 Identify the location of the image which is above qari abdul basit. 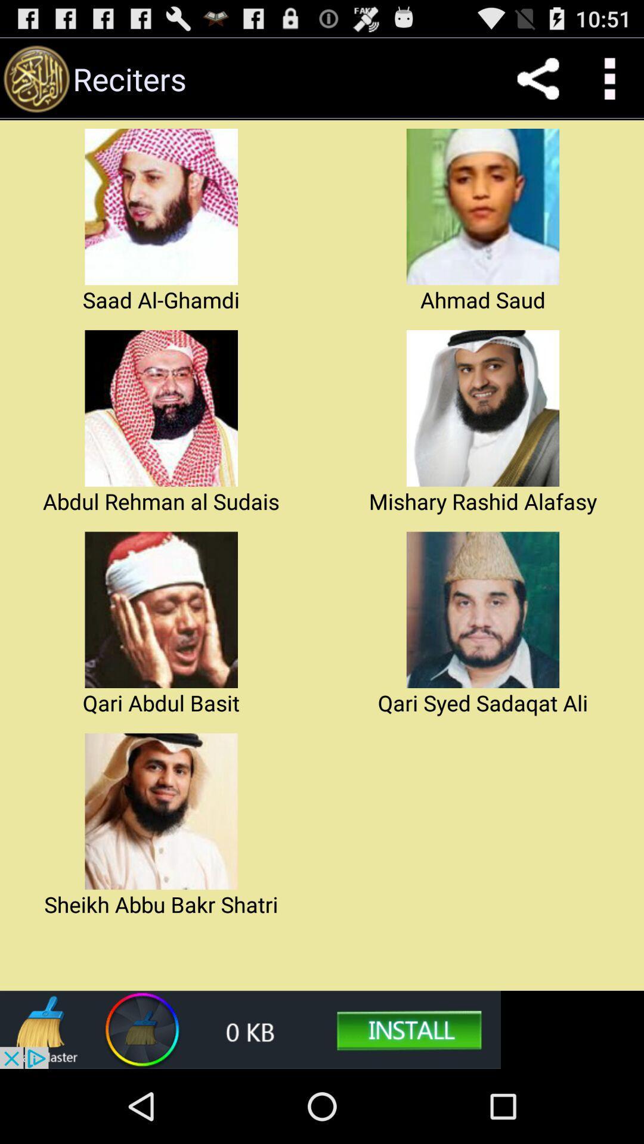
(161, 610).